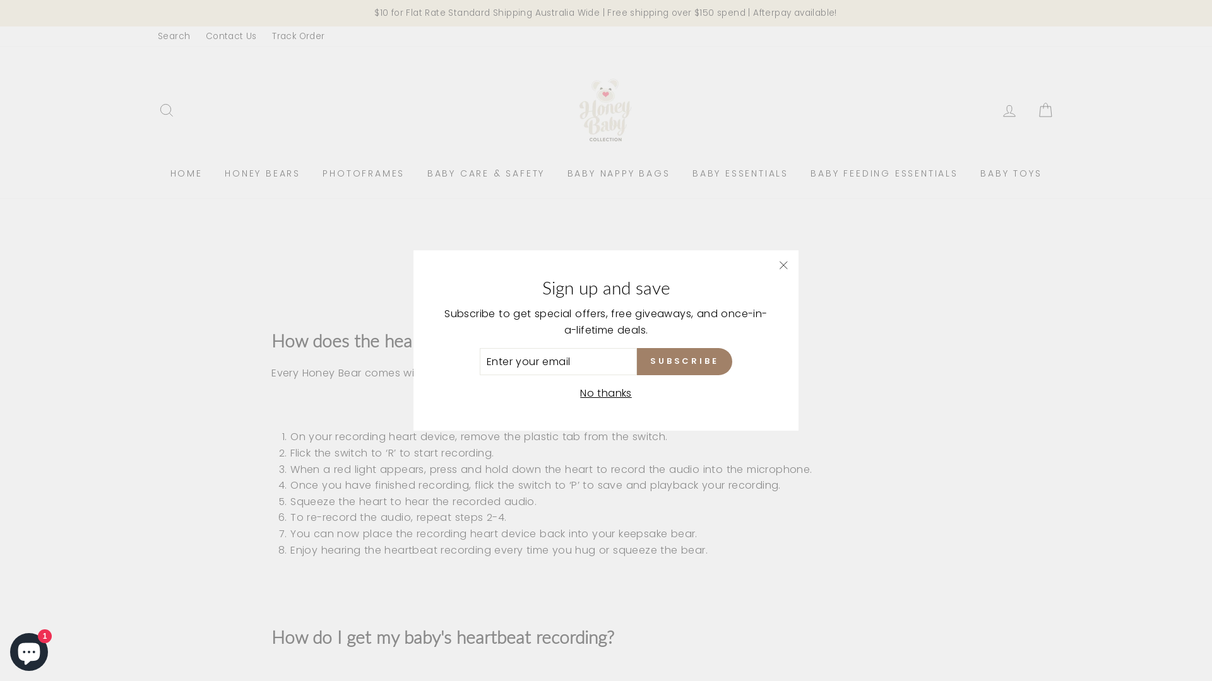 This screenshot has height=681, width=1212. I want to click on 'Shopify online store chat', so click(29, 649).